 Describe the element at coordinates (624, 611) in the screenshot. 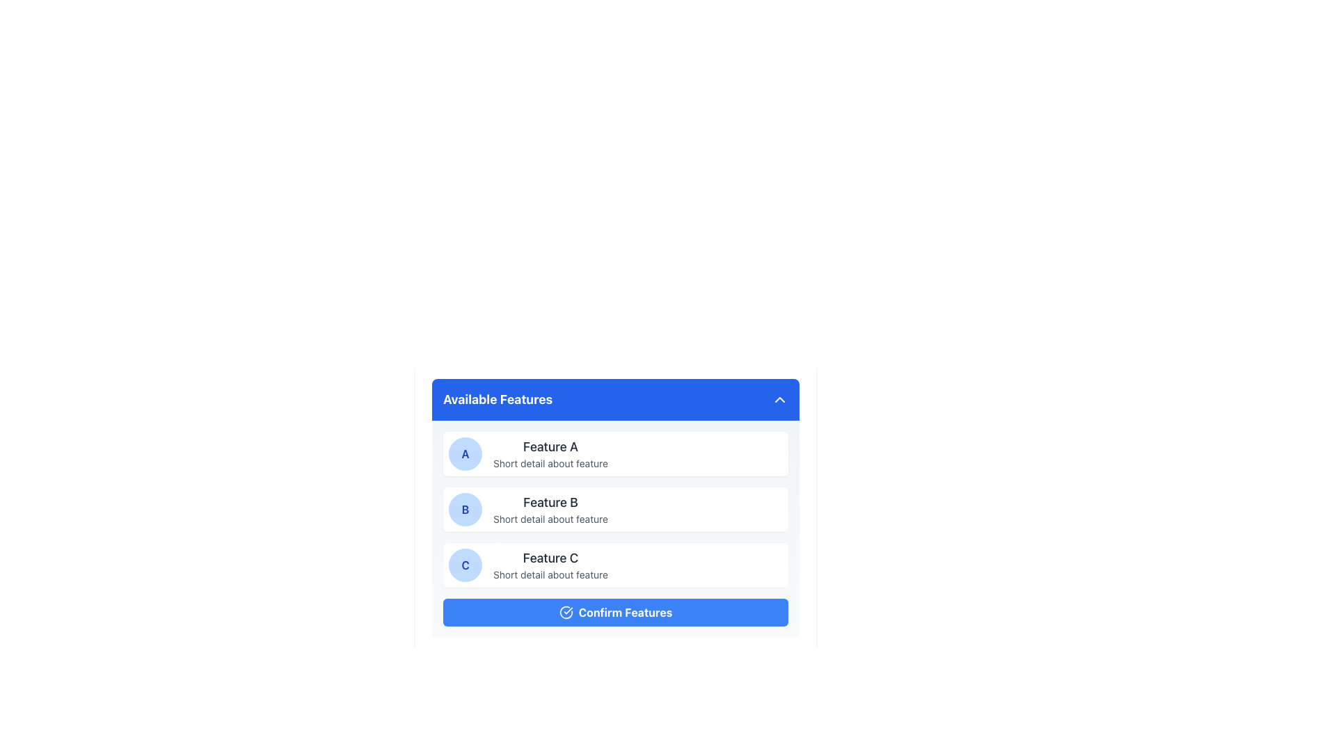

I see `the button labeled 'Confirm Features', which is a text label centered within a blue button located at the bottom of the 'Available Features' section` at that location.